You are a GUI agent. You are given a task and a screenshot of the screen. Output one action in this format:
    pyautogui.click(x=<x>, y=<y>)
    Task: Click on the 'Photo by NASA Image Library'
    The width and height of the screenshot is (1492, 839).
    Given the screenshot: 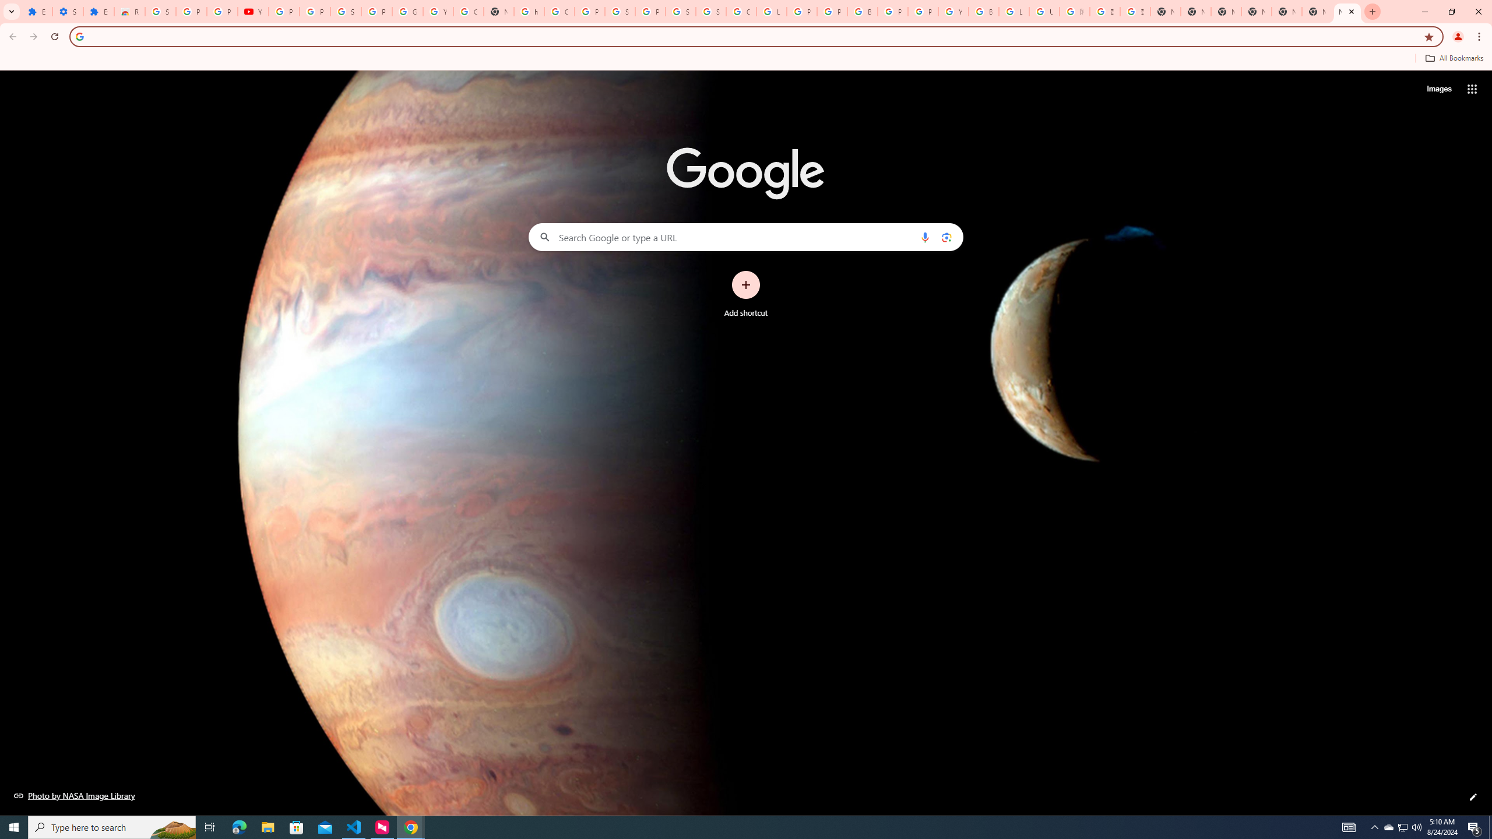 What is the action you would take?
    pyautogui.click(x=74, y=795)
    